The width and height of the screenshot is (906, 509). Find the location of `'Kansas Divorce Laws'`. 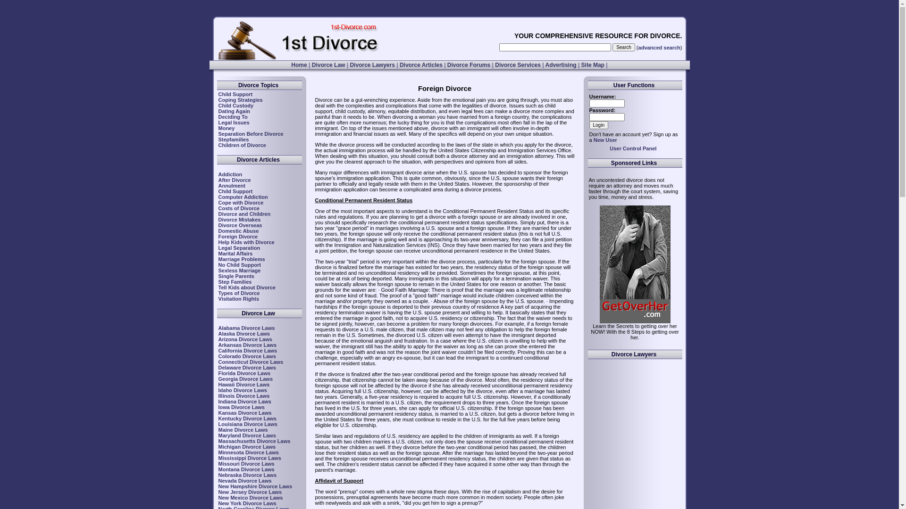

'Kansas Divorce Laws' is located at coordinates (244, 412).